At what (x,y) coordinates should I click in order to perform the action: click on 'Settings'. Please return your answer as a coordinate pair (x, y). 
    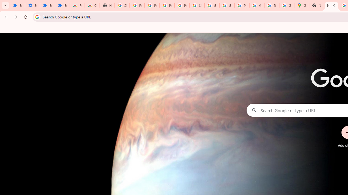
    Looking at the image, I should click on (32, 5).